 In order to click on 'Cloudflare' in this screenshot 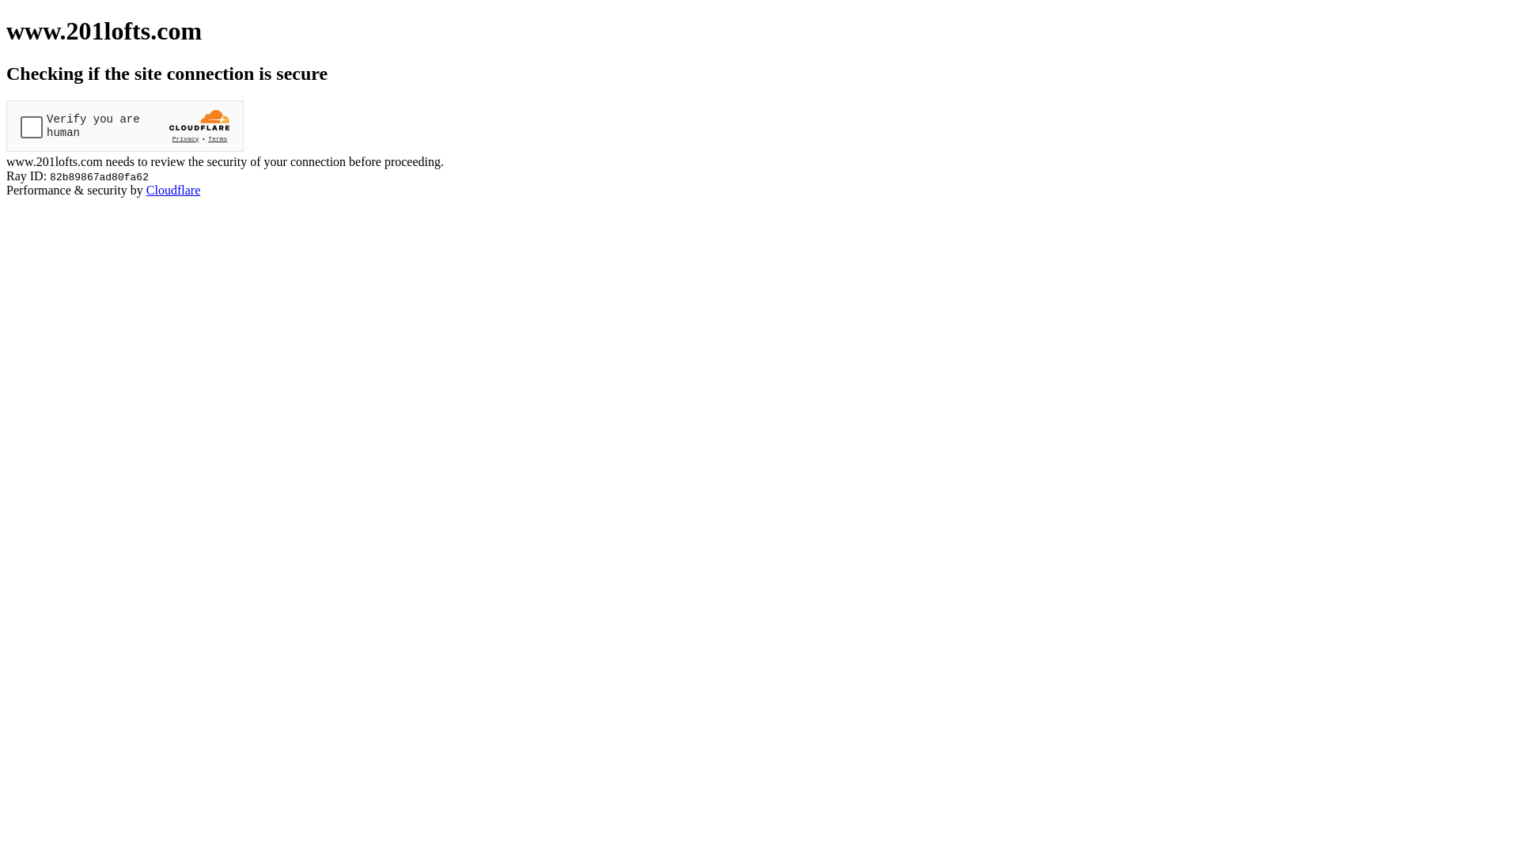, I will do `click(146, 189)`.